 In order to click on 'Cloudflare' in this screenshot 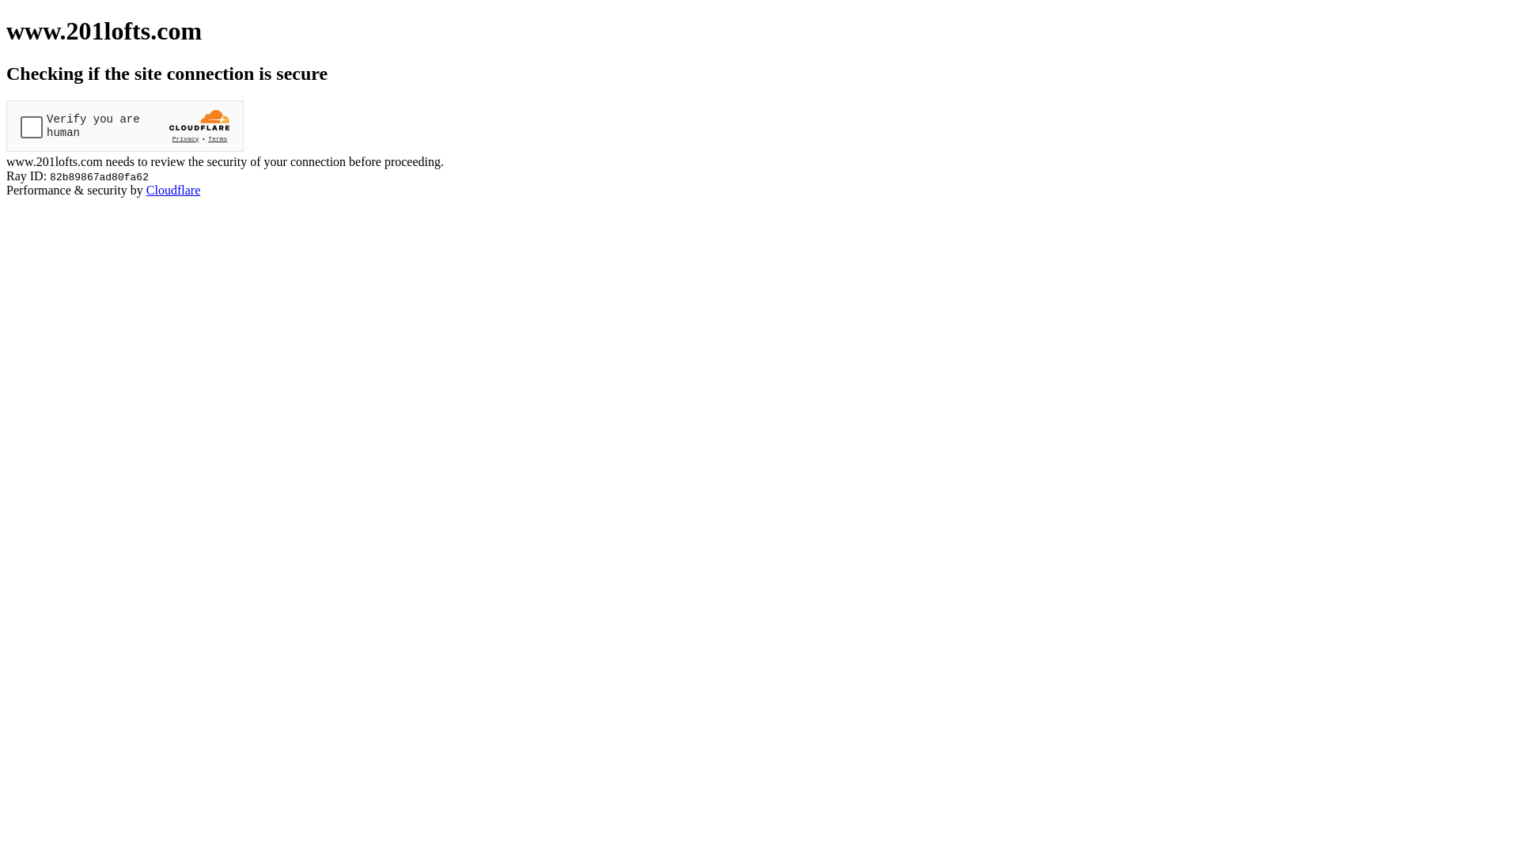, I will do `click(146, 189)`.